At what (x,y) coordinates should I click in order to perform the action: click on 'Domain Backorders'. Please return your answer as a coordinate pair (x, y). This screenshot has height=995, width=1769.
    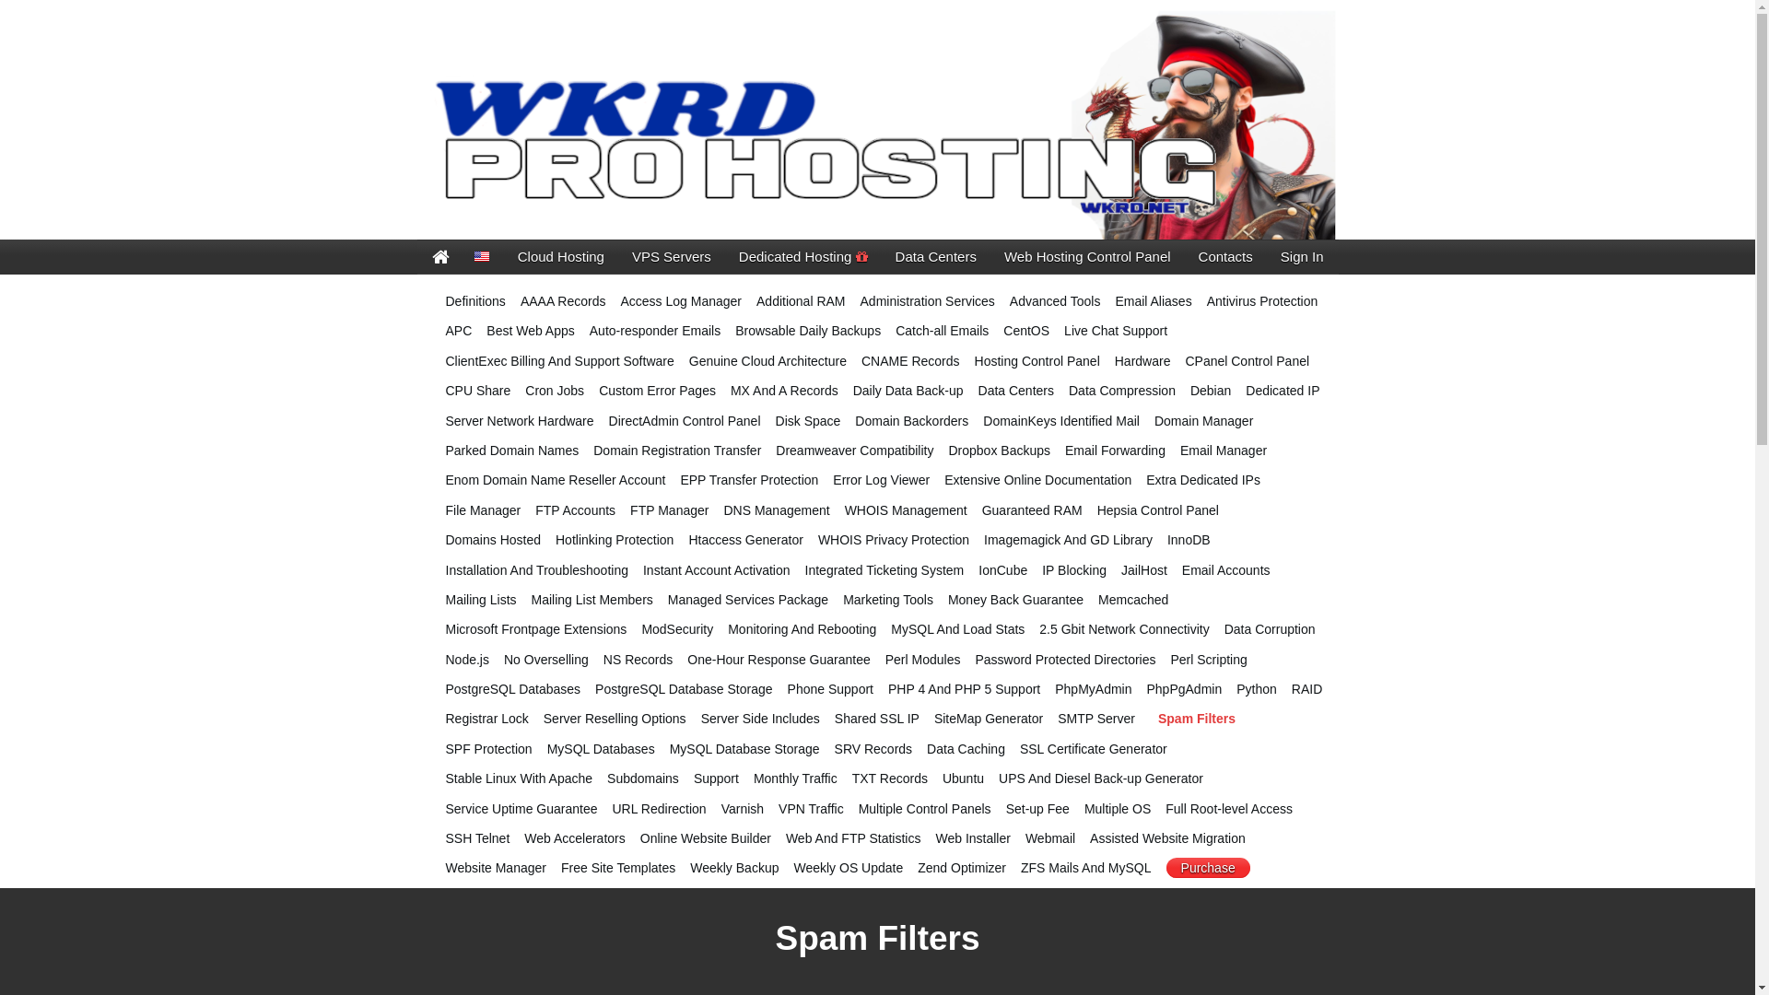
    Looking at the image, I should click on (911, 420).